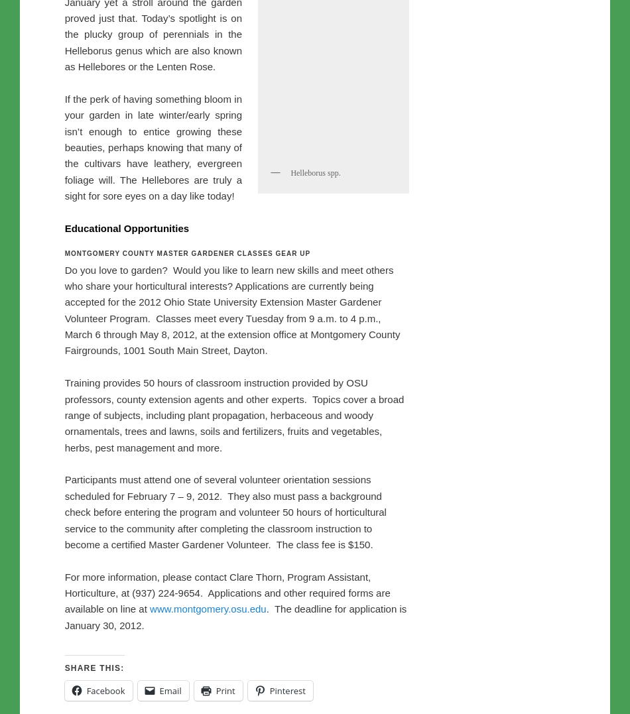 The image size is (630, 714). I want to click on 'Print', so click(224, 32).